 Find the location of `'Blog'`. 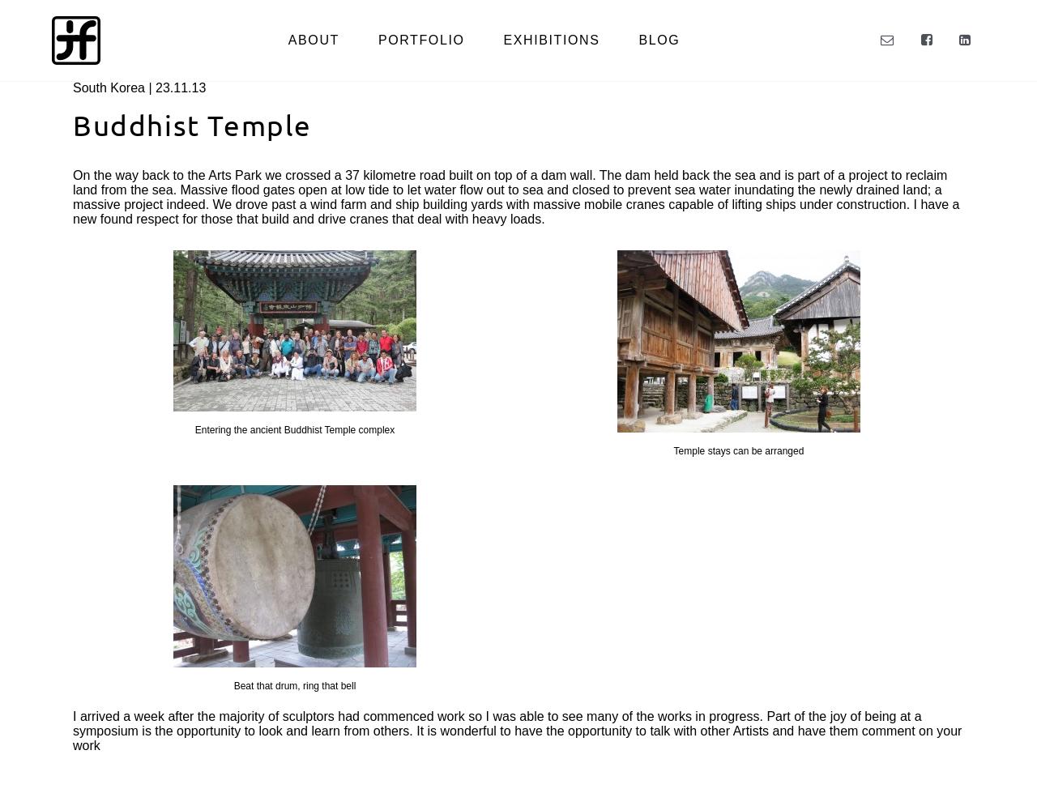

'Blog' is located at coordinates (659, 40).